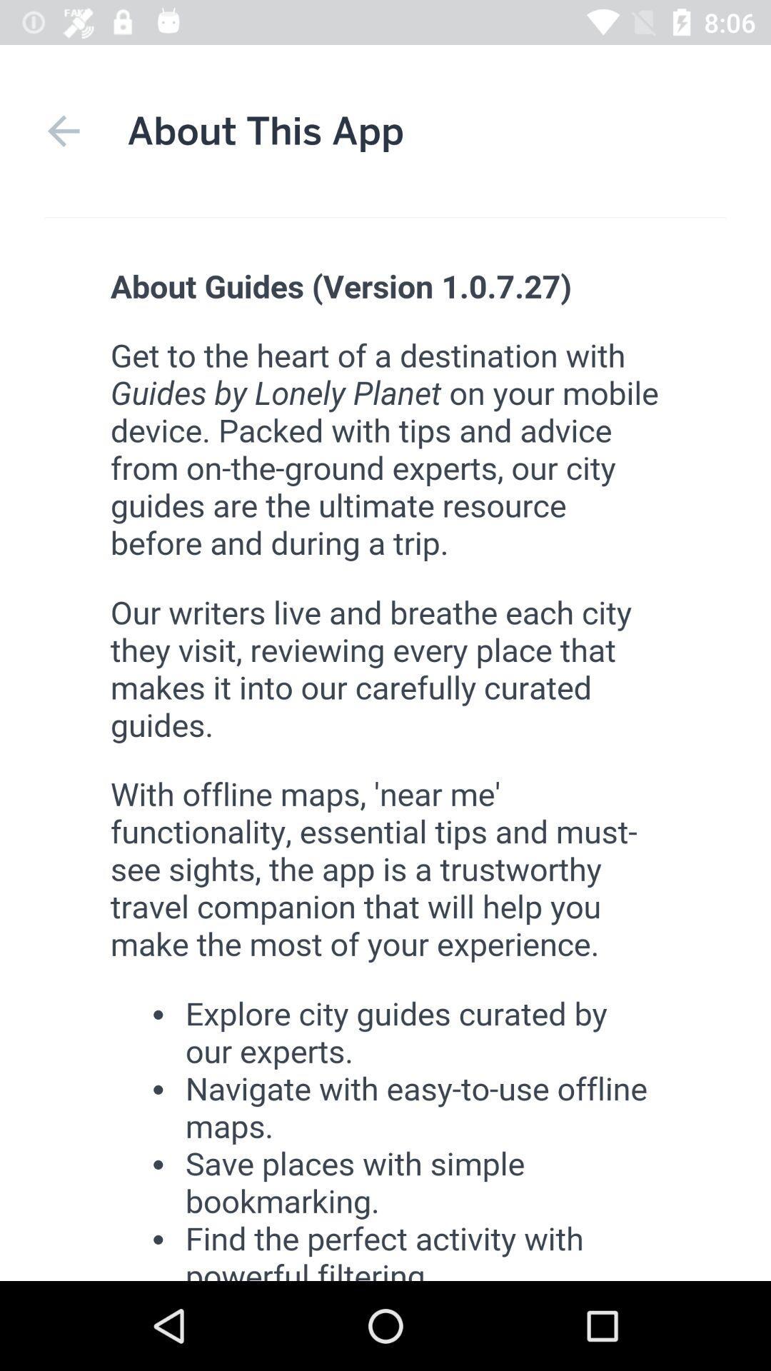  What do you see at coordinates (63, 131) in the screenshot?
I see `previous button` at bounding box center [63, 131].